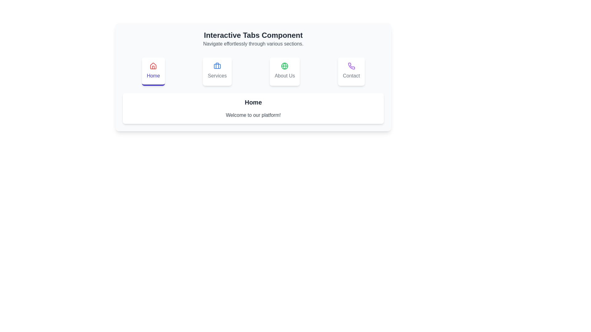 The image size is (591, 332). Describe the element at coordinates (217, 71) in the screenshot. I see `the Services tab icon` at that location.